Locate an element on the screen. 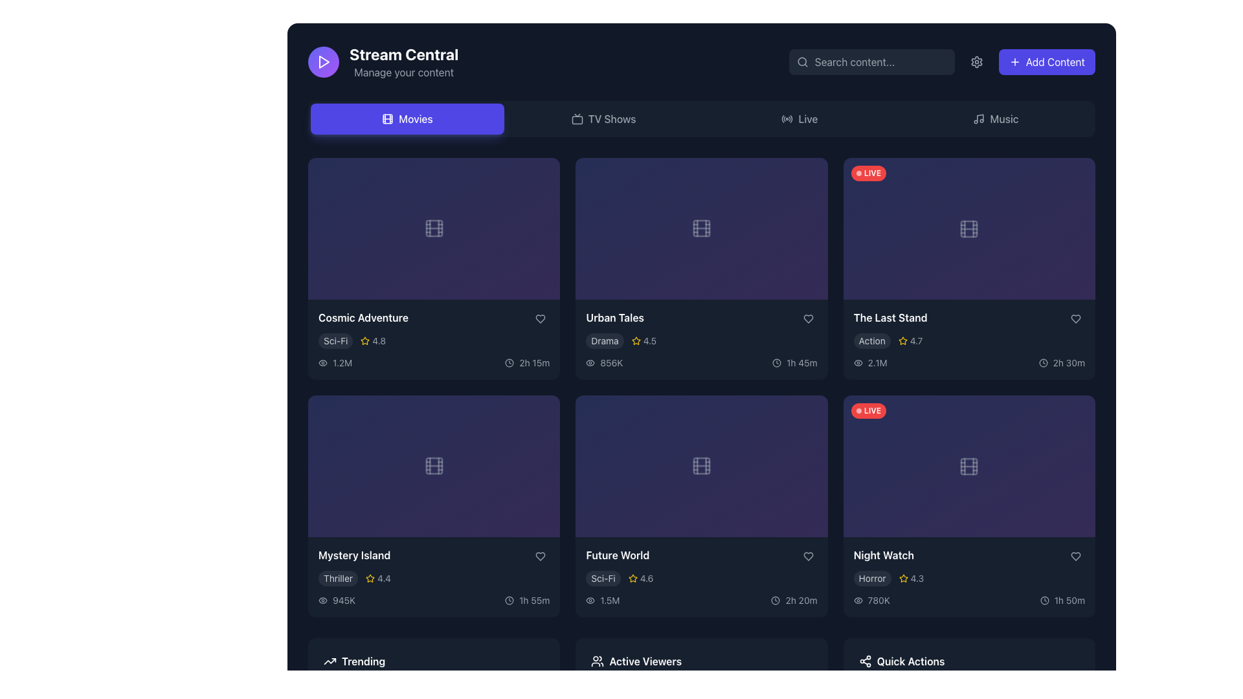  displayed duration value '2h 15m' from the text label in the 'Cosmic Adventure' section of the 'Movies' category within the 'Stream Central' interface is located at coordinates (534, 362).